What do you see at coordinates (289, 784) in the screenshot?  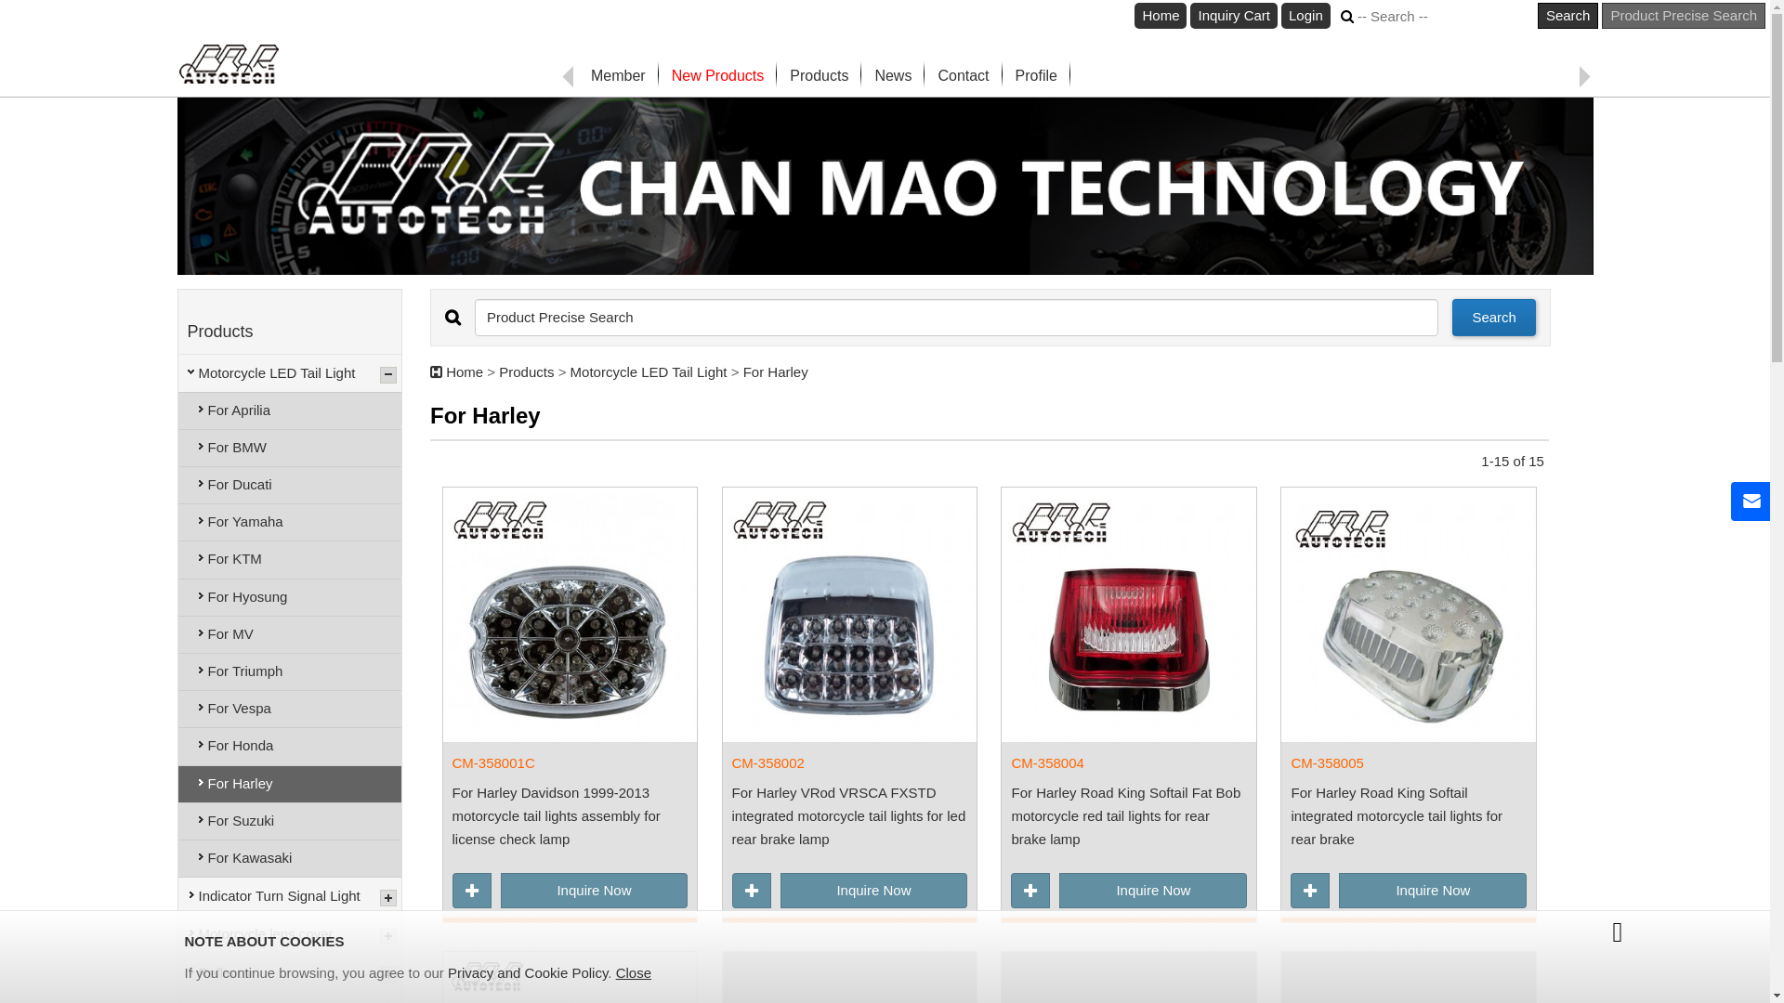 I see `'For Harley'` at bounding box center [289, 784].